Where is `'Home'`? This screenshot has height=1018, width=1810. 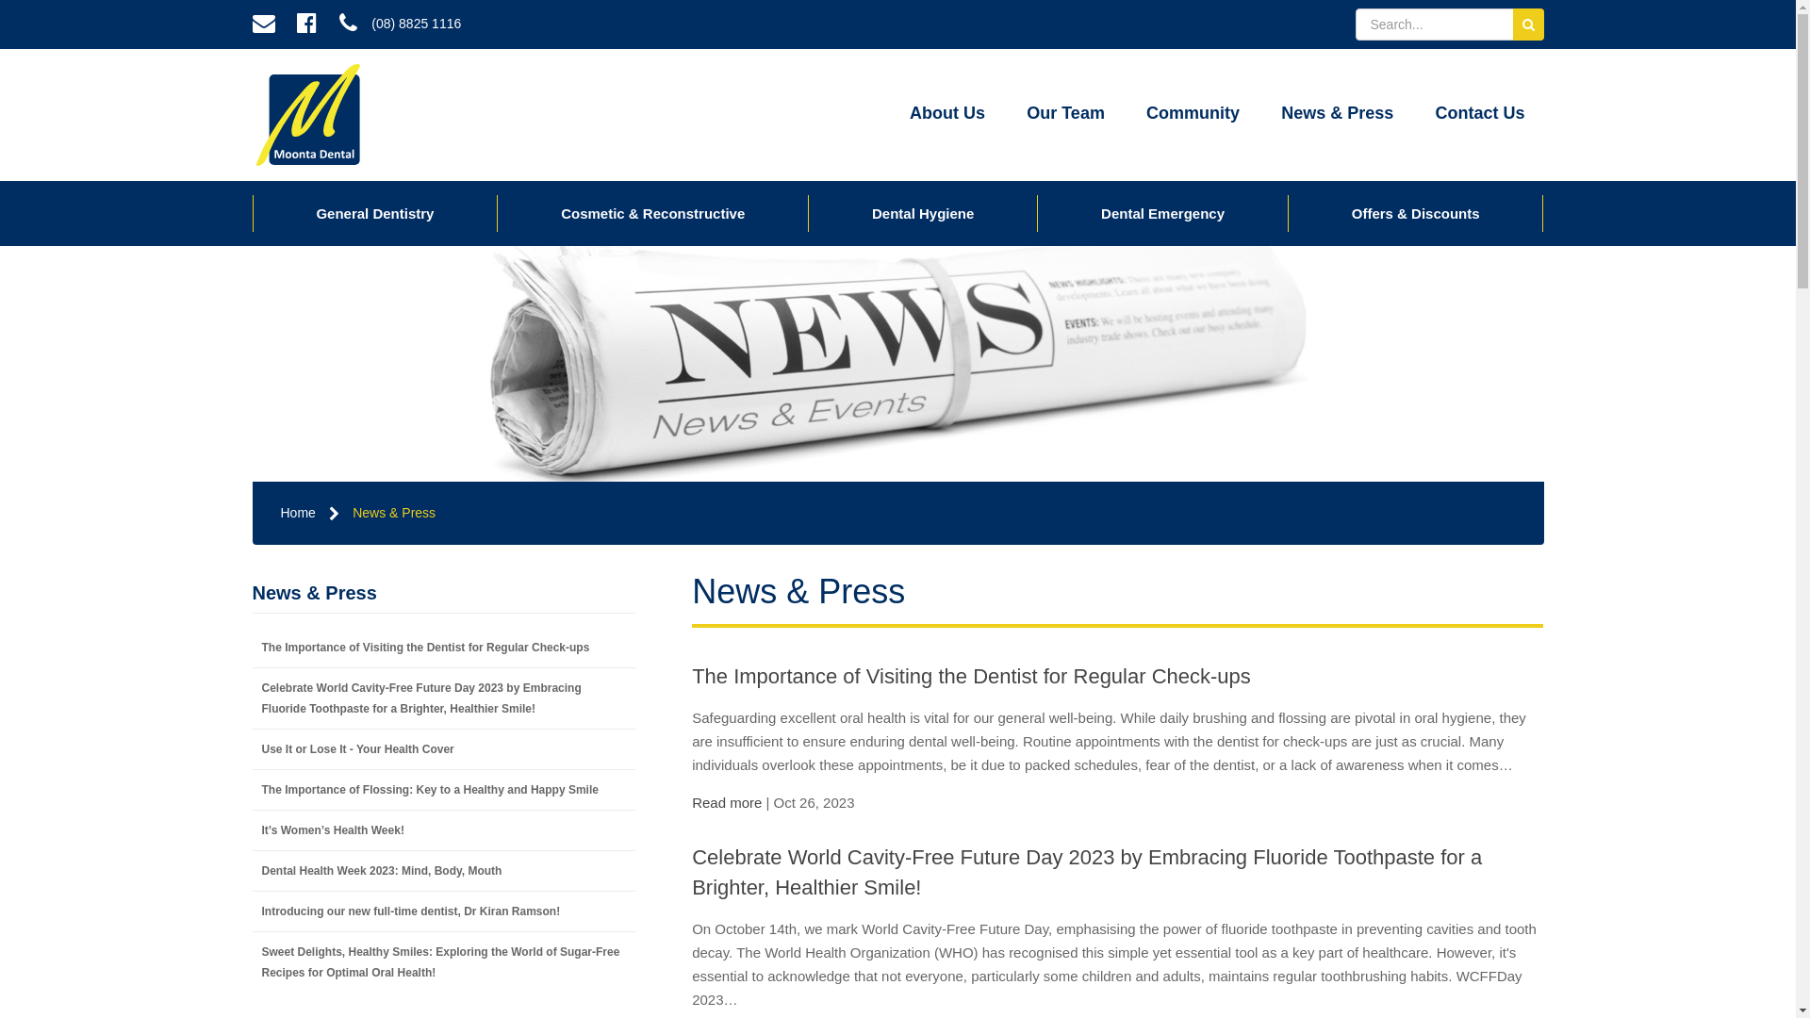 'Home' is located at coordinates (297, 512).